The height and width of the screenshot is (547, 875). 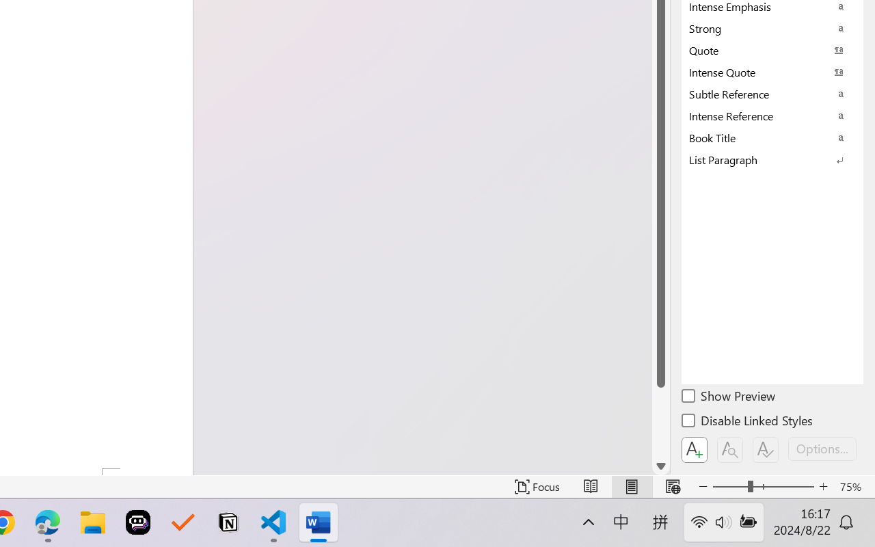 What do you see at coordinates (772, 71) in the screenshot?
I see `'Intense Quote'` at bounding box center [772, 71].